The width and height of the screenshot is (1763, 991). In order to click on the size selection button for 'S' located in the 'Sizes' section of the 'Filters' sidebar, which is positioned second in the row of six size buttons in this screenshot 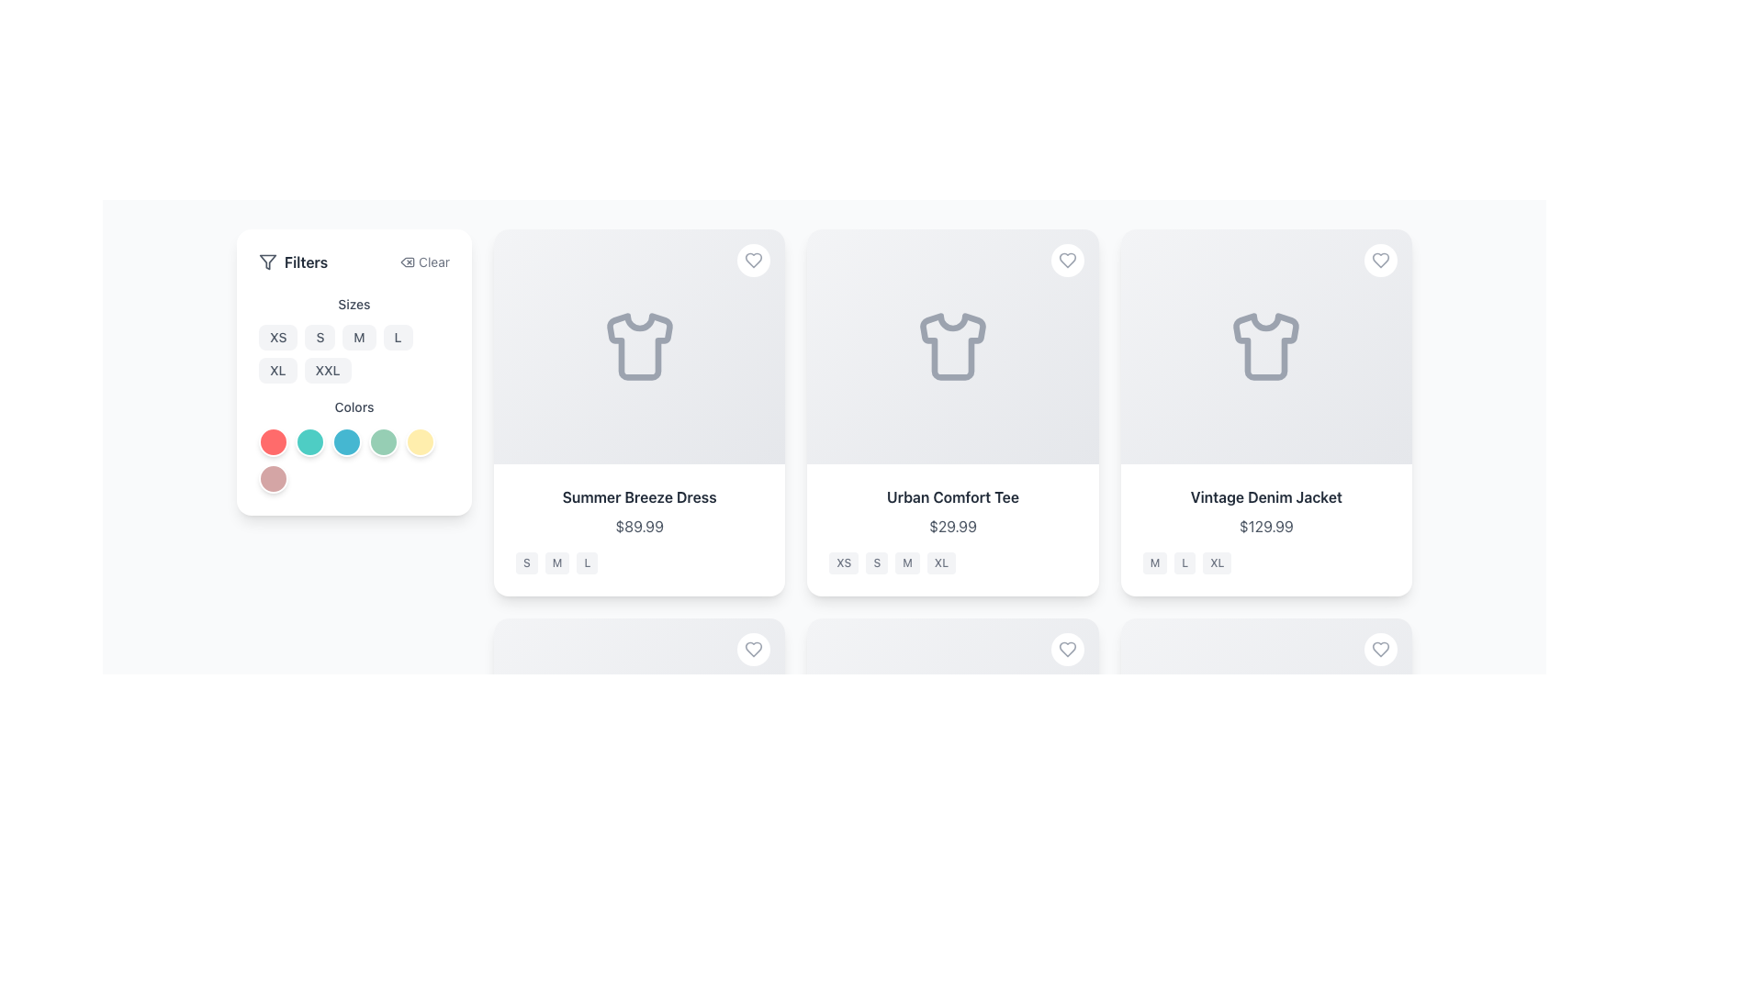, I will do `click(320, 337)`.